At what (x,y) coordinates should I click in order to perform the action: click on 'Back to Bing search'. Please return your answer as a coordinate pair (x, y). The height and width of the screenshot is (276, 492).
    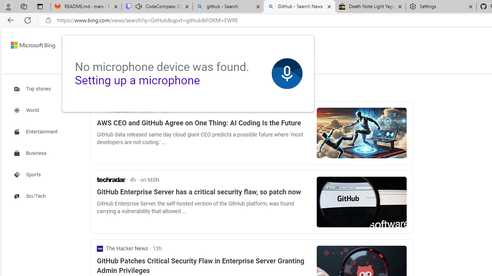
    Looking at the image, I should click on (28, 44).